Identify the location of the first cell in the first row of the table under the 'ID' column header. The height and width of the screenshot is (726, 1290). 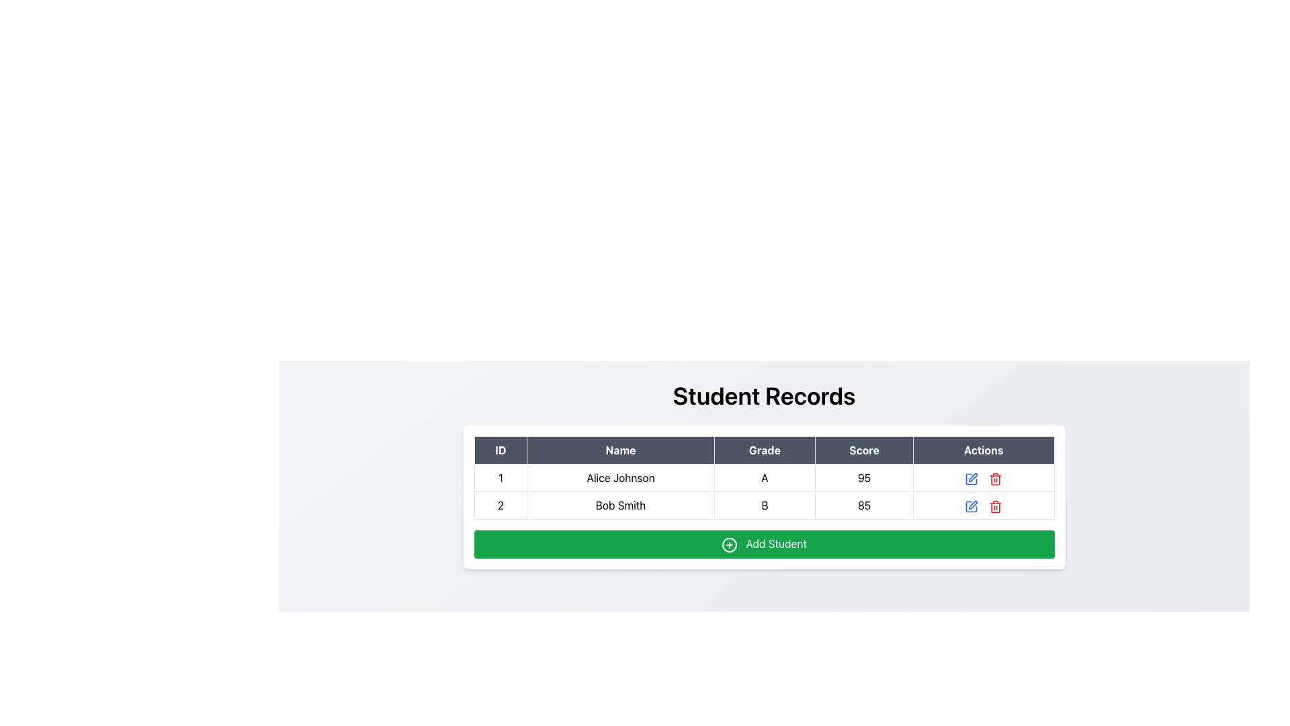
(500, 477).